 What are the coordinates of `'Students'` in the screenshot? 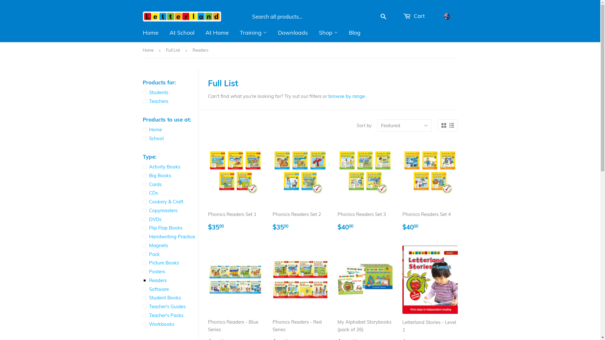 It's located at (170, 92).